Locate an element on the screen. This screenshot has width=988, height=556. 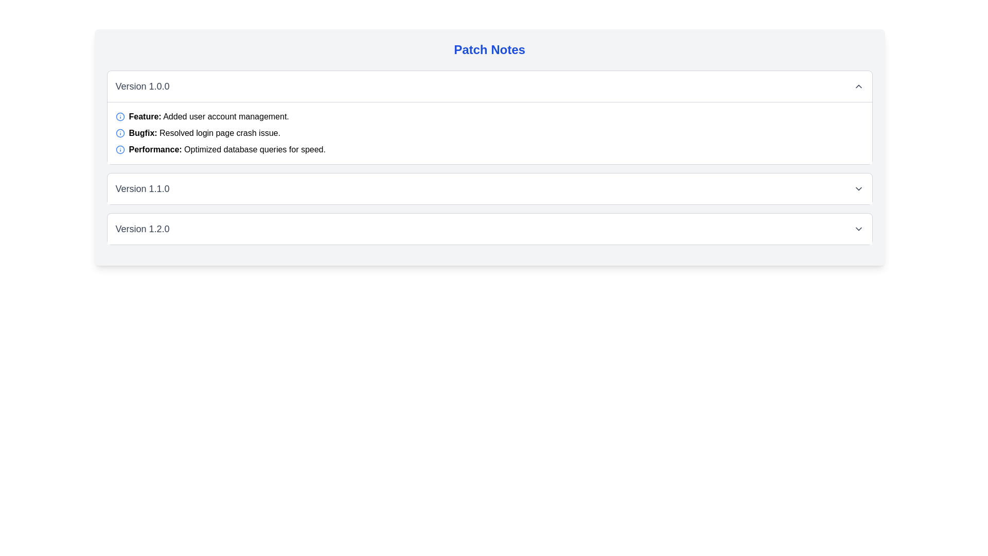
the bold text fragment reading 'Feature:' in the Patch Notes interface under Version 1.0.0 is located at coordinates (145, 116).